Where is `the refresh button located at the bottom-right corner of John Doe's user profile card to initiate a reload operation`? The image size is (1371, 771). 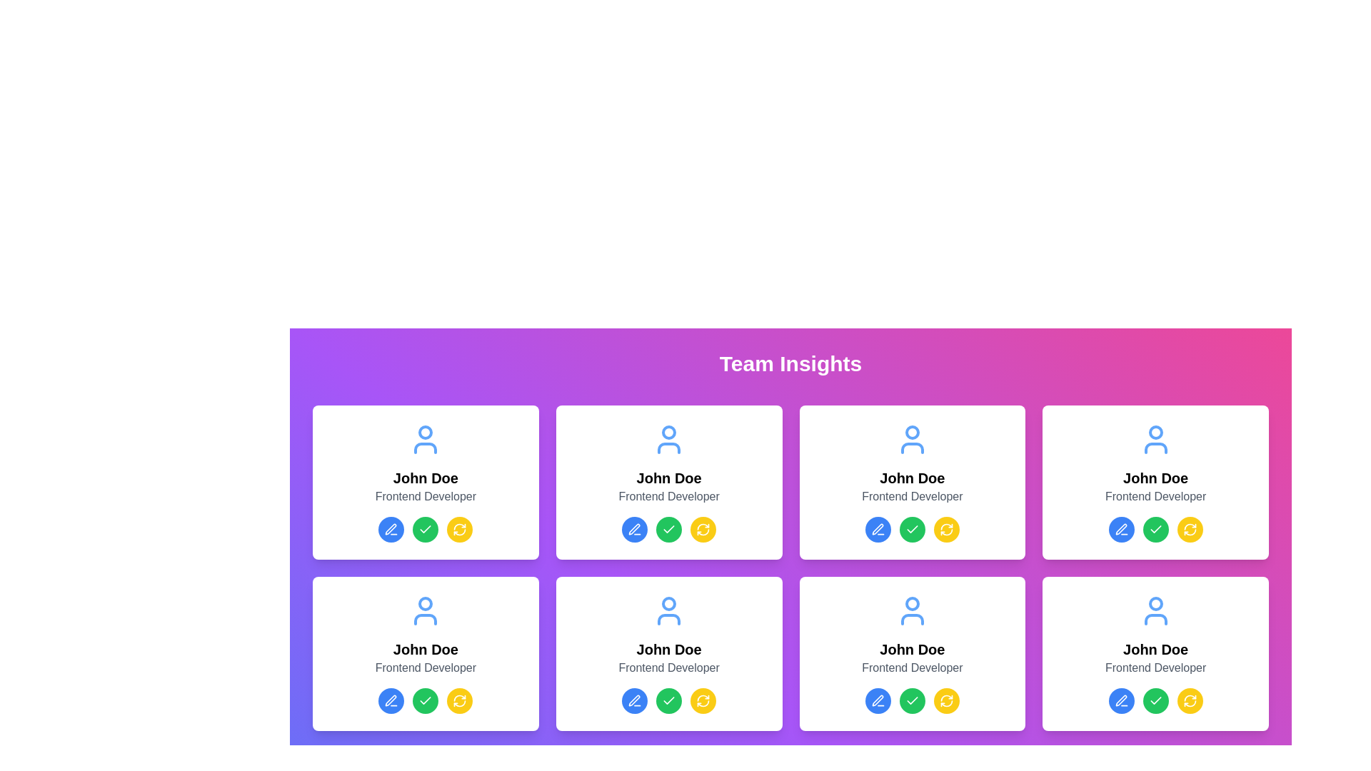
the refresh button located at the bottom-right corner of John Doe's user profile card to initiate a reload operation is located at coordinates (946, 529).